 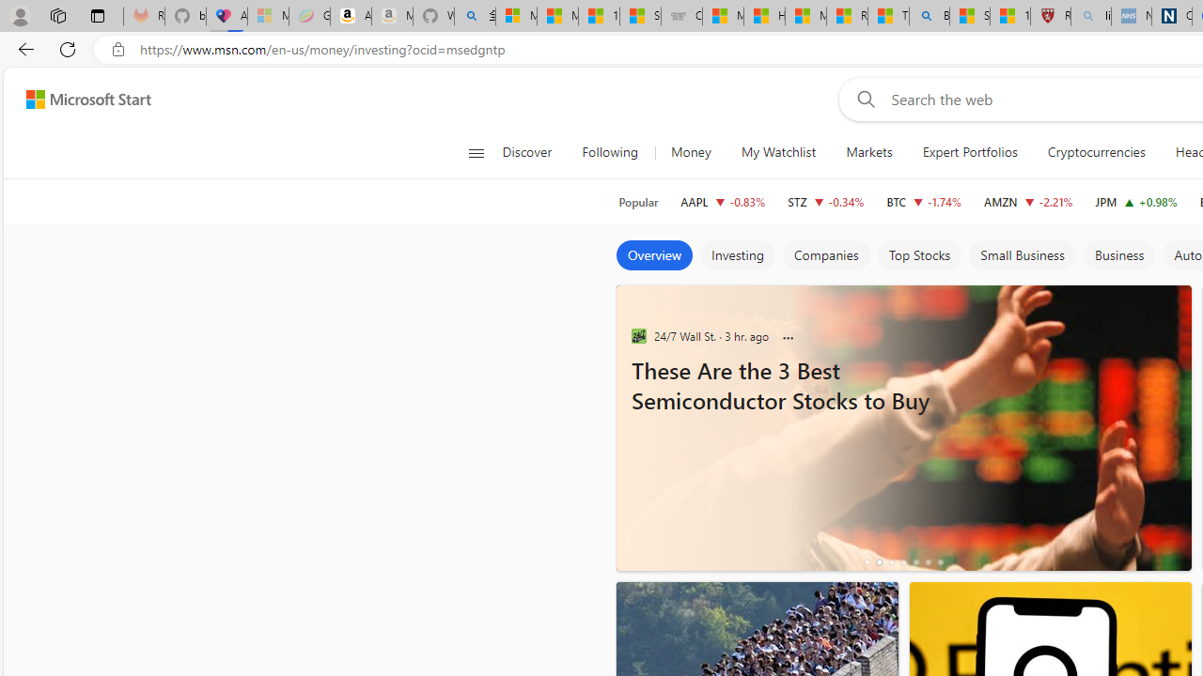 I want to click on 'AMZN AMAZON.COM, INC. decrease 176.13 -3.98 -2.21%', so click(x=1028, y=201).